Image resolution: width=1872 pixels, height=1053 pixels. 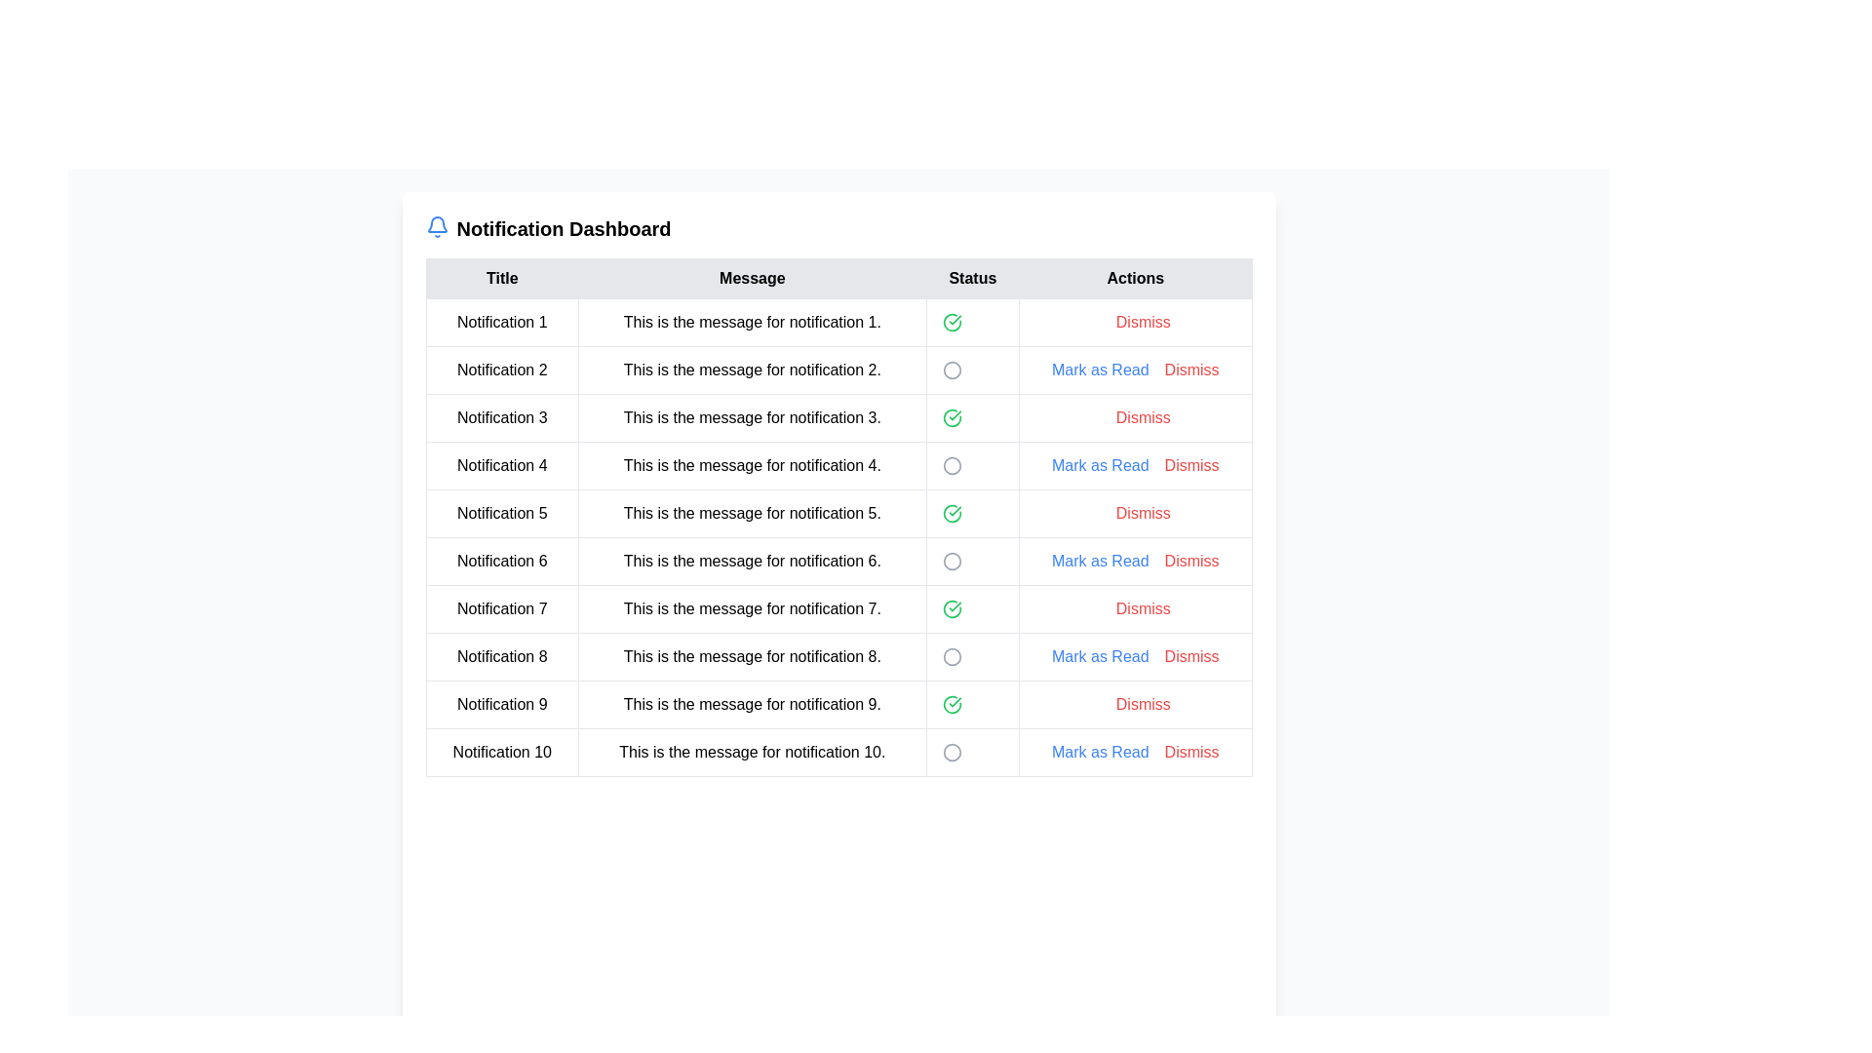 What do you see at coordinates (502, 416) in the screenshot?
I see `assistive technology` at bounding box center [502, 416].